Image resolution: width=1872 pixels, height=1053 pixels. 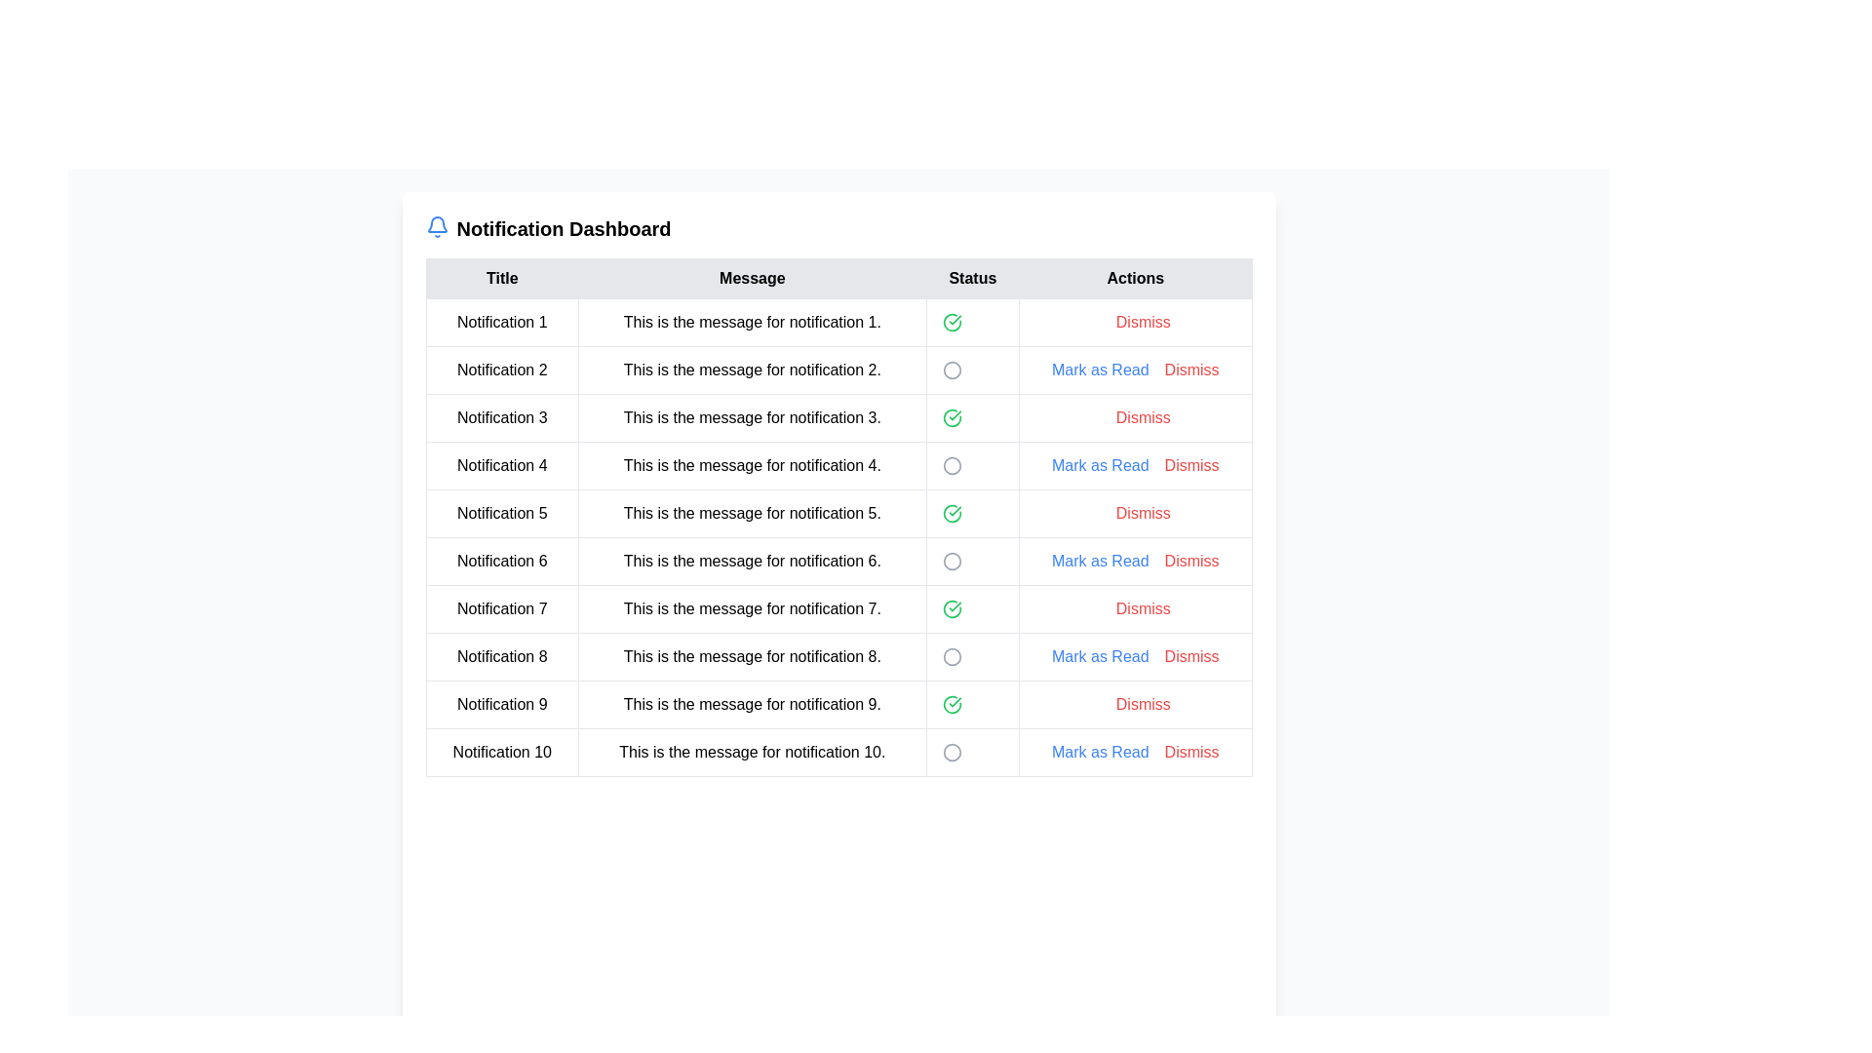 What do you see at coordinates (502, 416) in the screenshot?
I see `assistive technology` at bounding box center [502, 416].